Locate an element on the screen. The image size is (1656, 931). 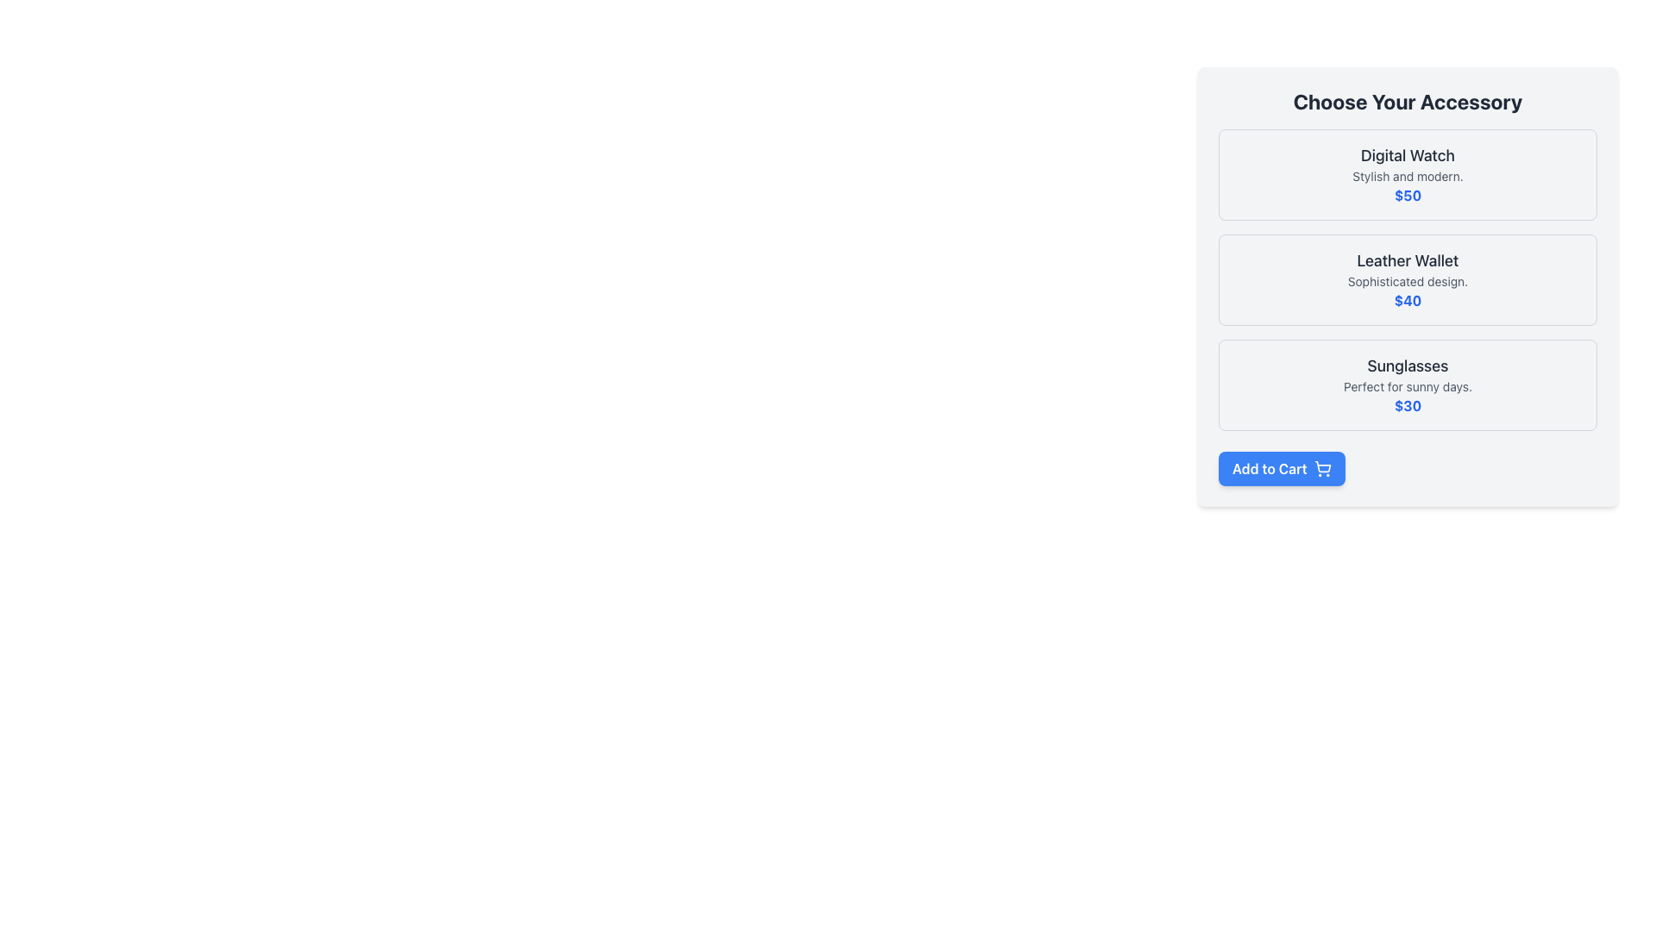
the title text reading 'Choose Your Accessory', which is styled in bold and large font at the top of a card-like layout is located at coordinates (1408, 102).